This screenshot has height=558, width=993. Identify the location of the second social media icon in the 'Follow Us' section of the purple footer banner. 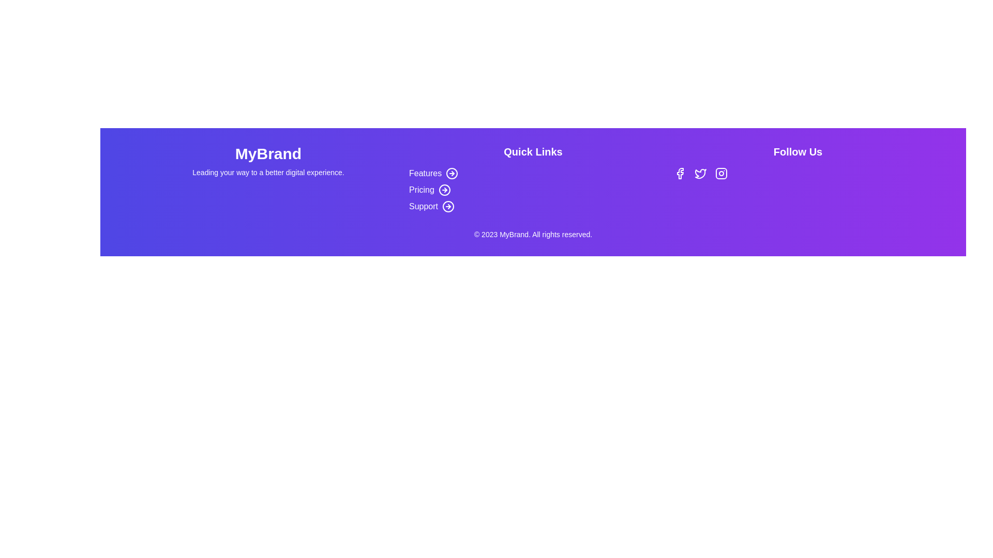
(700, 173).